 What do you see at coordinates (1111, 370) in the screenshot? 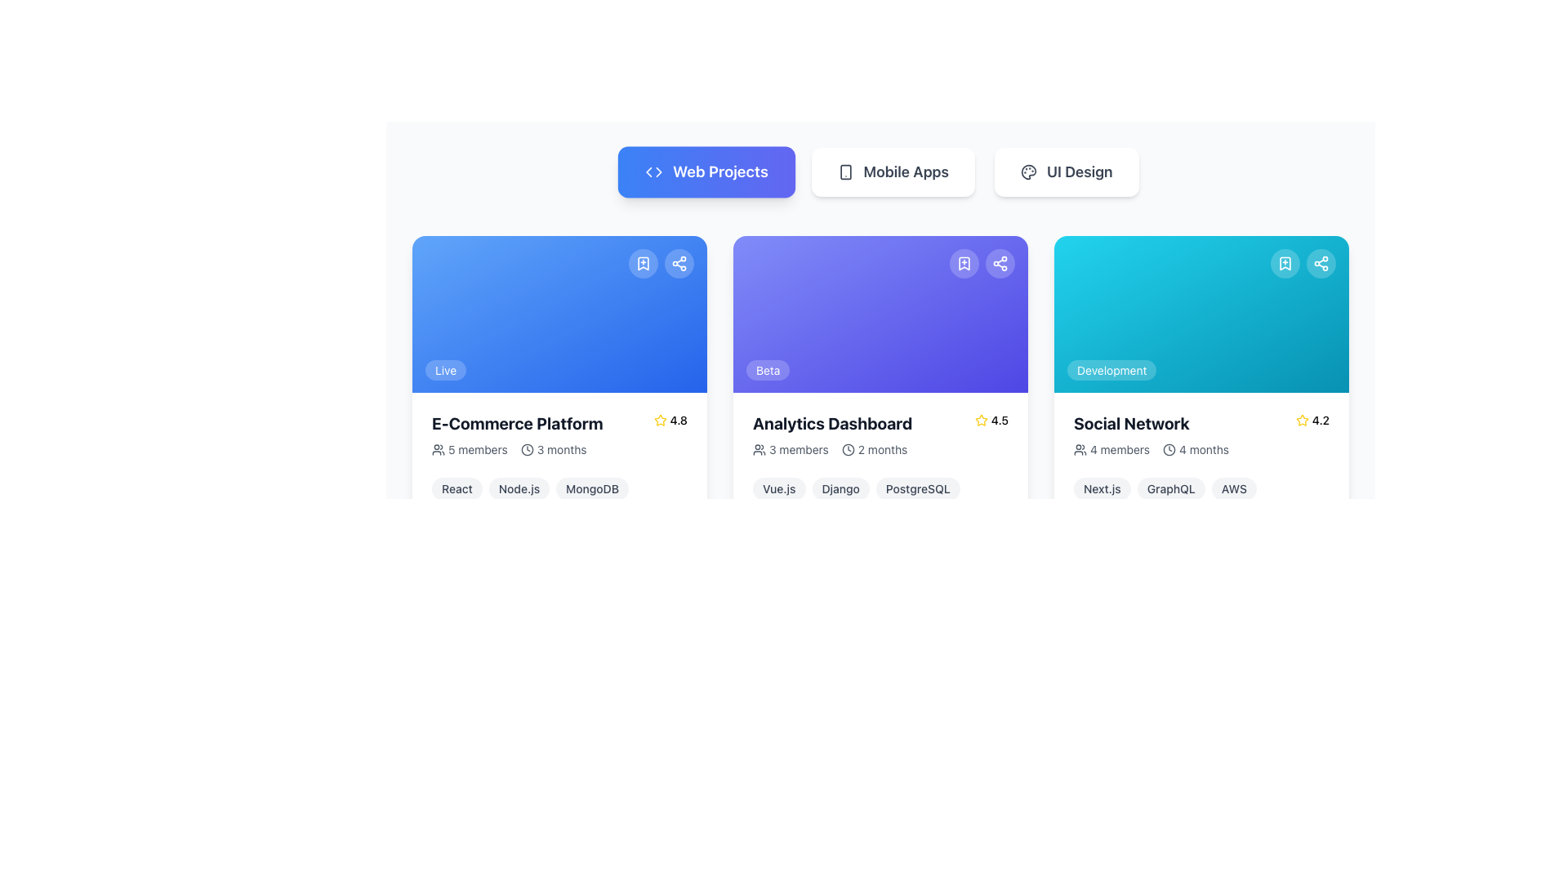
I see `text from the pill-shaped badge with a light blue background and white text that reads 'Development', located at the top section of the 'Social Network' card` at bounding box center [1111, 370].